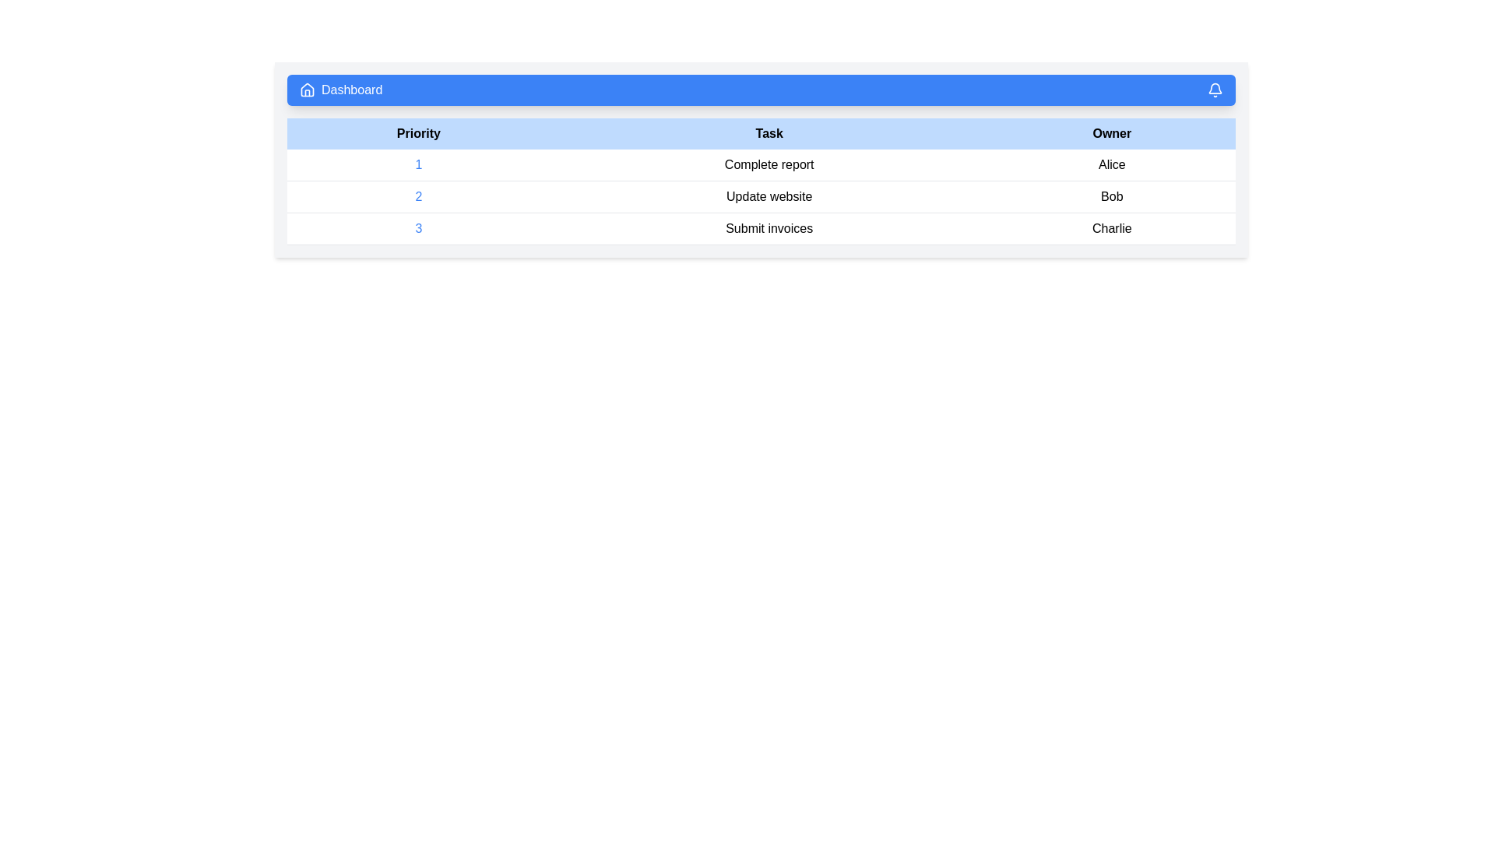  What do you see at coordinates (418, 196) in the screenshot?
I see `the numeral '2' styled with blue text color located in the second row under the 'Priority' column of the table` at bounding box center [418, 196].